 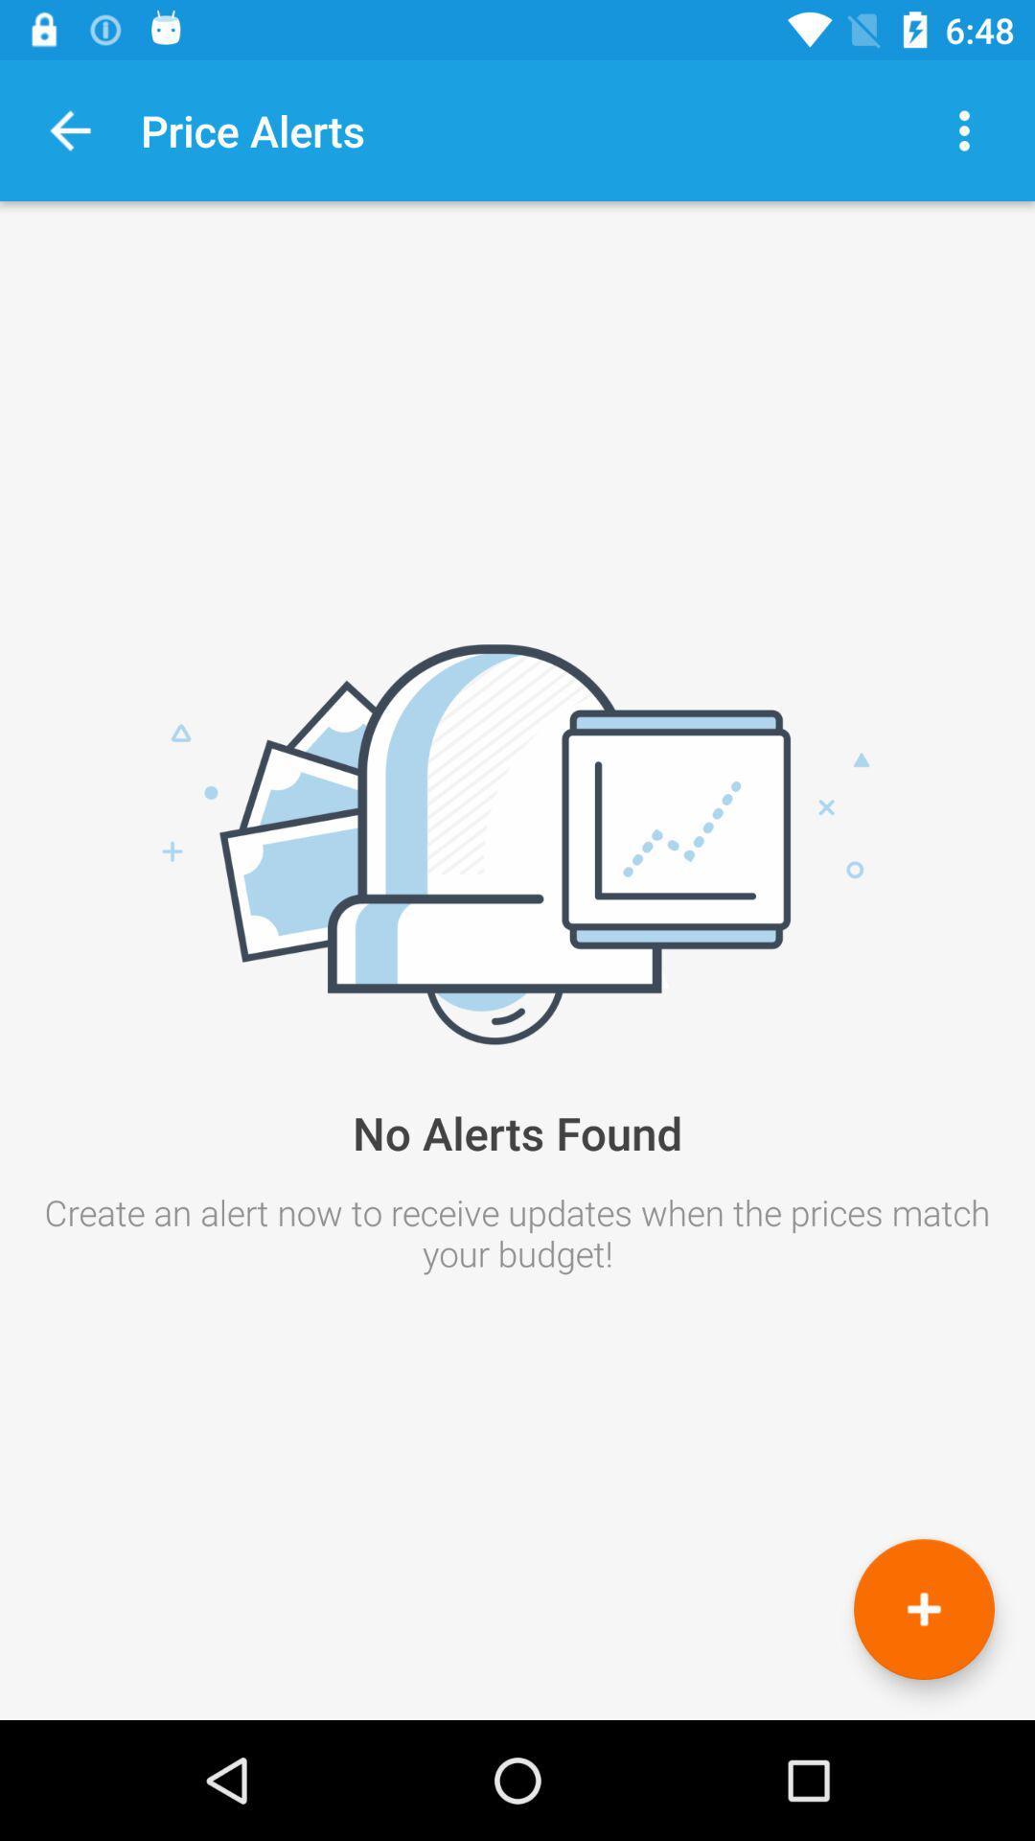 What do you see at coordinates (923, 1609) in the screenshot?
I see `item at the bottom right corner` at bounding box center [923, 1609].